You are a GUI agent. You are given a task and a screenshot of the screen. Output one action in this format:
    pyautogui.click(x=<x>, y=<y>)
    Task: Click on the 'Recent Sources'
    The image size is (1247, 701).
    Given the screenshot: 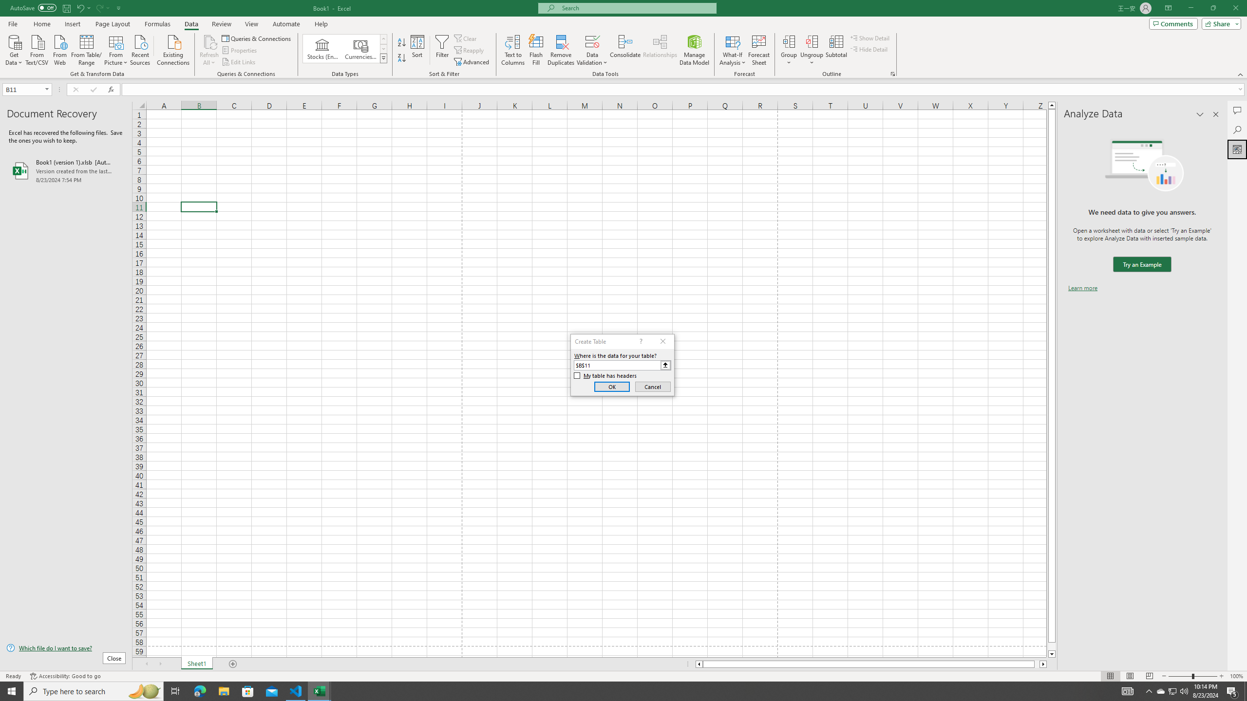 What is the action you would take?
    pyautogui.click(x=140, y=49)
    